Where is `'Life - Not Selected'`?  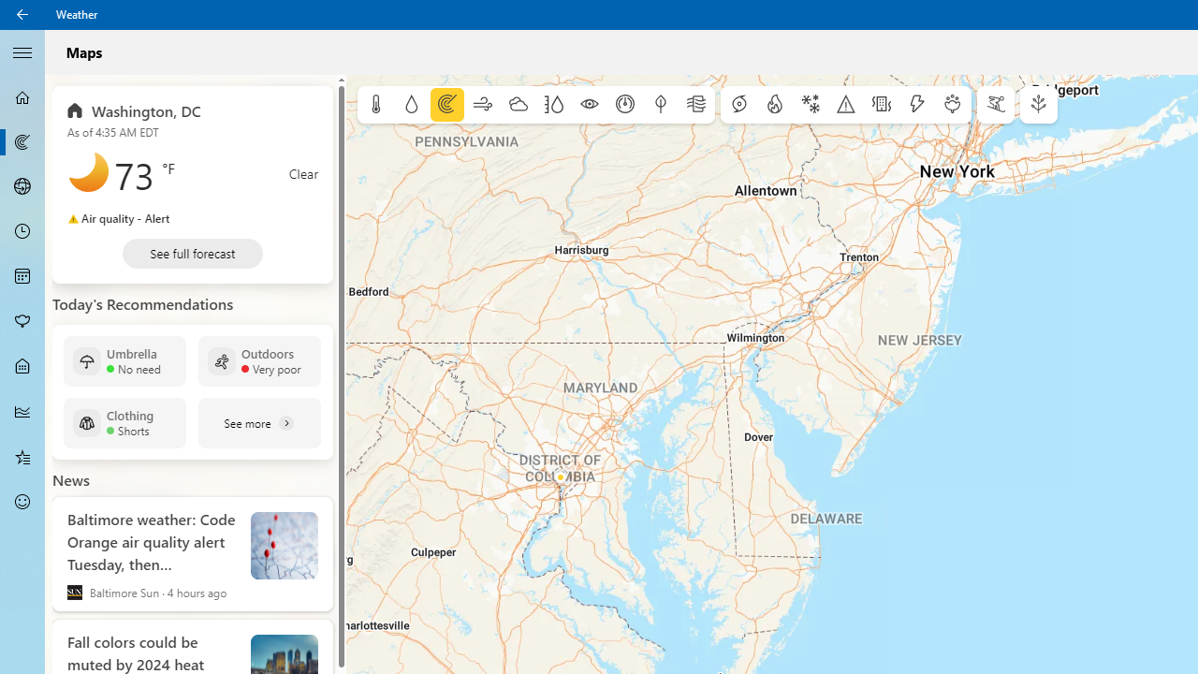
'Life - Not Selected' is located at coordinates (22, 367).